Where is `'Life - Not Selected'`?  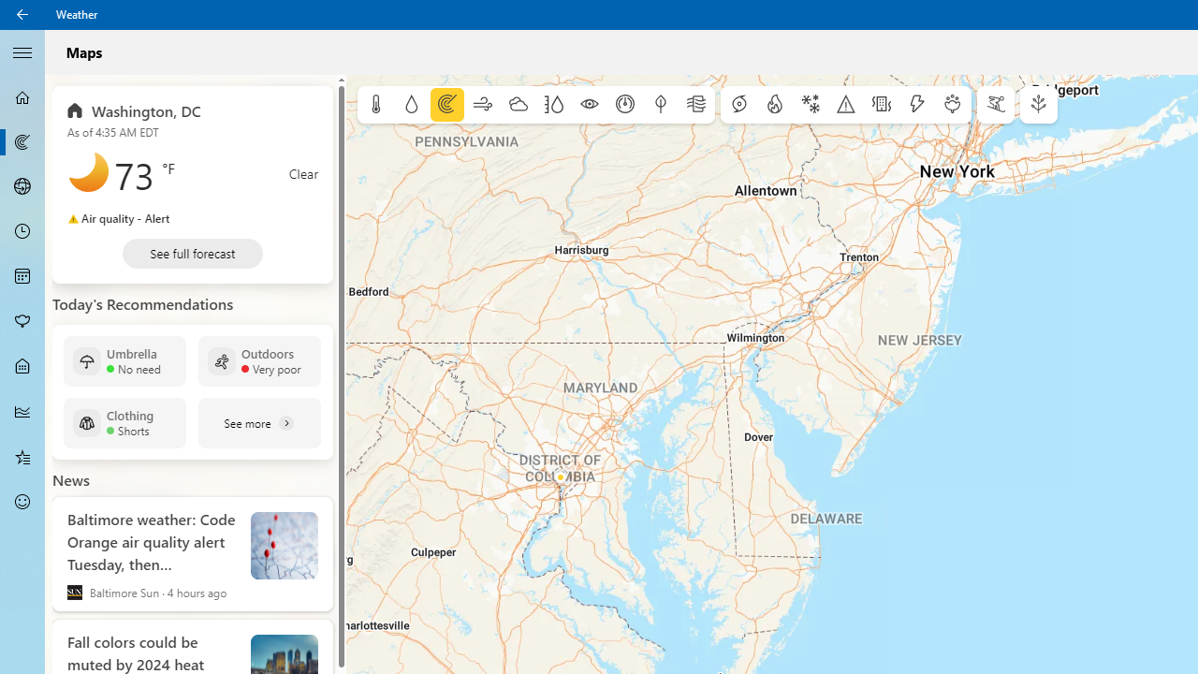
'Life - Not Selected' is located at coordinates (22, 367).